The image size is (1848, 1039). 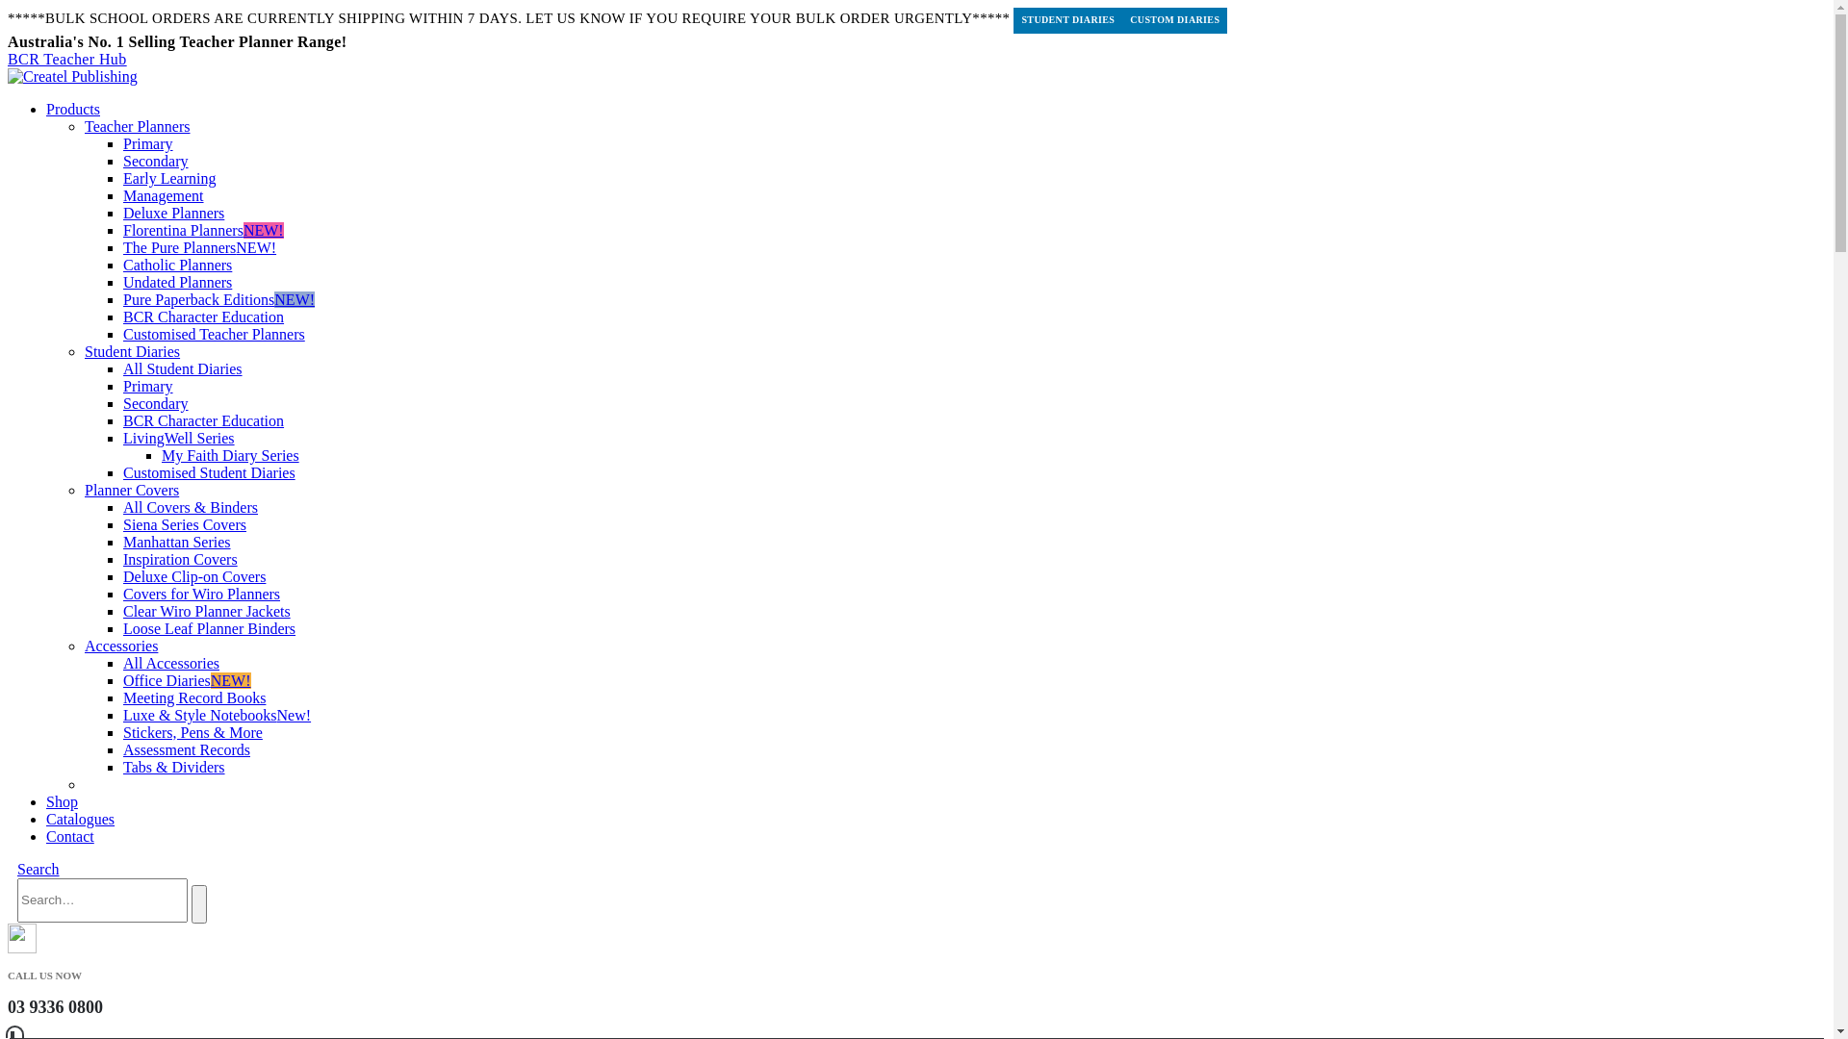 I want to click on 'All Accessories', so click(x=122, y=662).